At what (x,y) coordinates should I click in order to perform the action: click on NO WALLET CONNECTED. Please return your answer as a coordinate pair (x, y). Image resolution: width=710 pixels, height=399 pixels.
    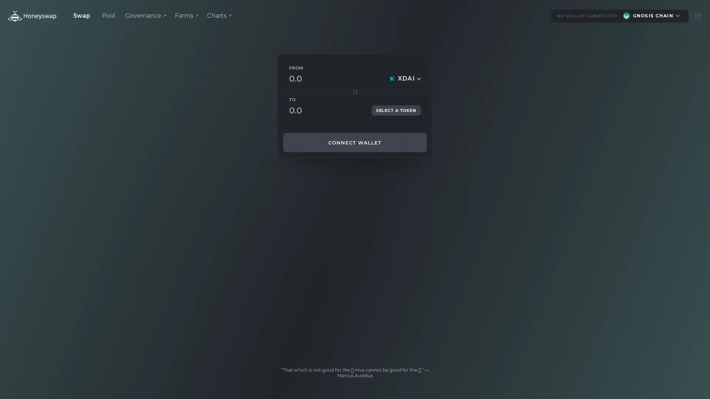
    Looking at the image, I should click on (584, 16).